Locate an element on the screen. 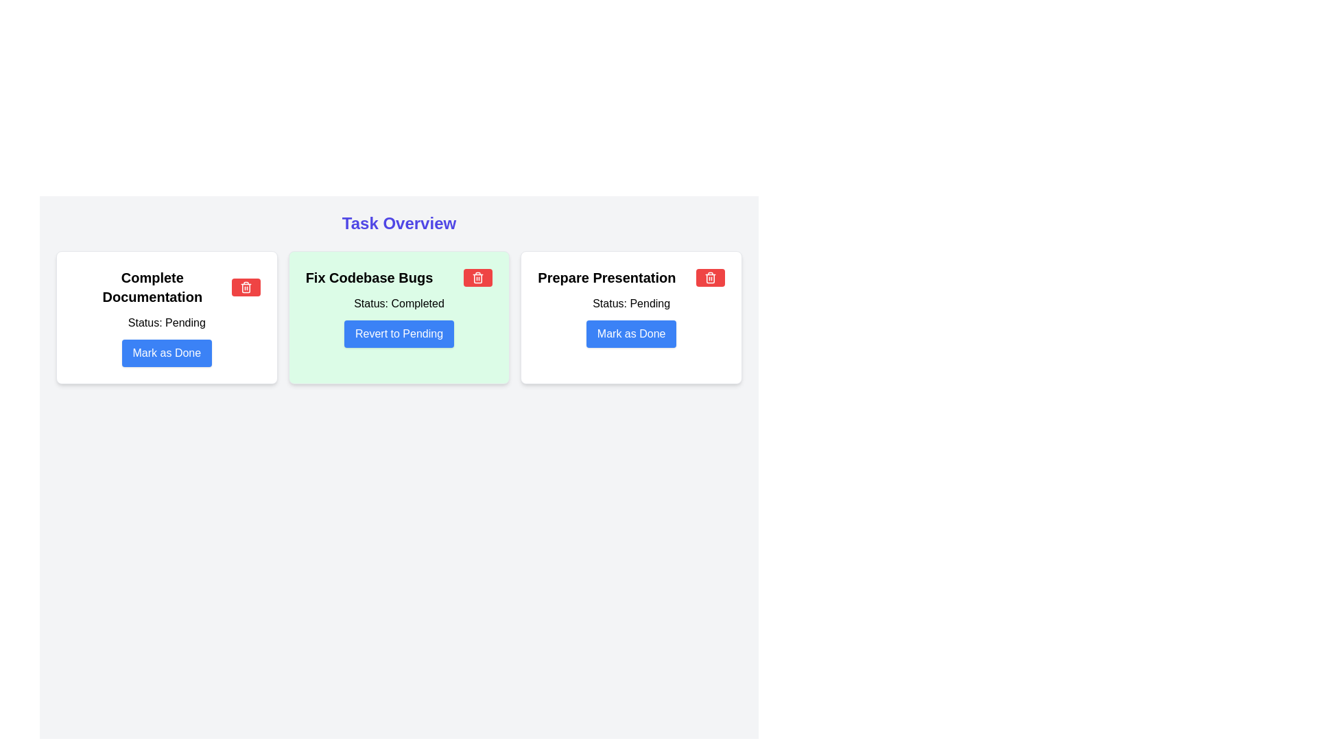 The height and width of the screenshot is (741, 1317). the Title text located at the top center of the leftmost card in a three-card horizontal layout is located at coordinates (166, 287).